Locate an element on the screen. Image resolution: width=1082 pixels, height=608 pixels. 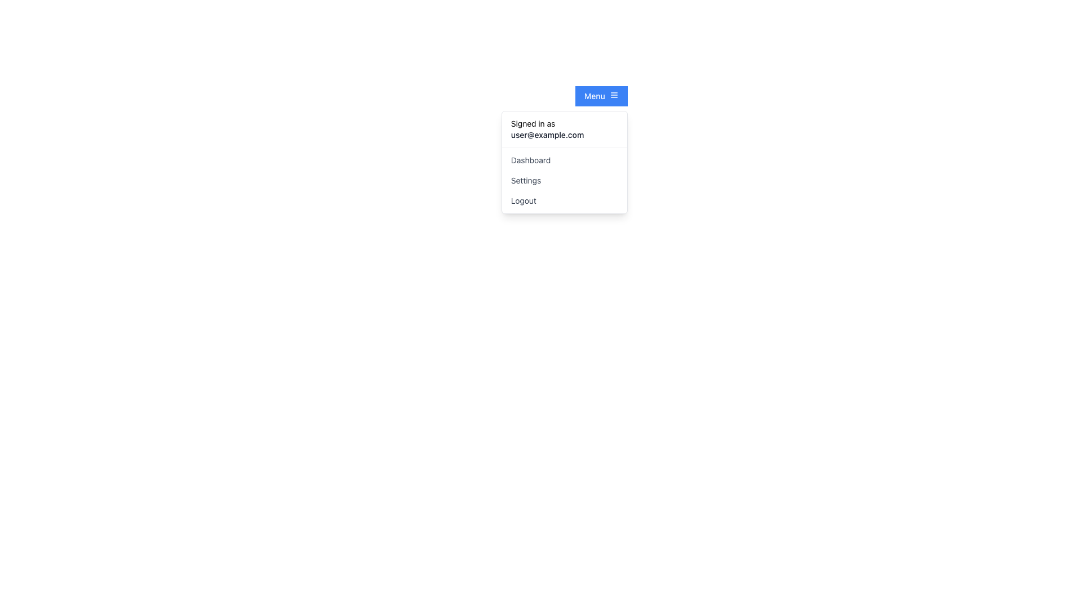
the first hyperlink in the dropdown menu that redirects to the dashboard, positioned below 'Signed in as user@example.com' and above 'Settings' is located at coordinates (564, 160).